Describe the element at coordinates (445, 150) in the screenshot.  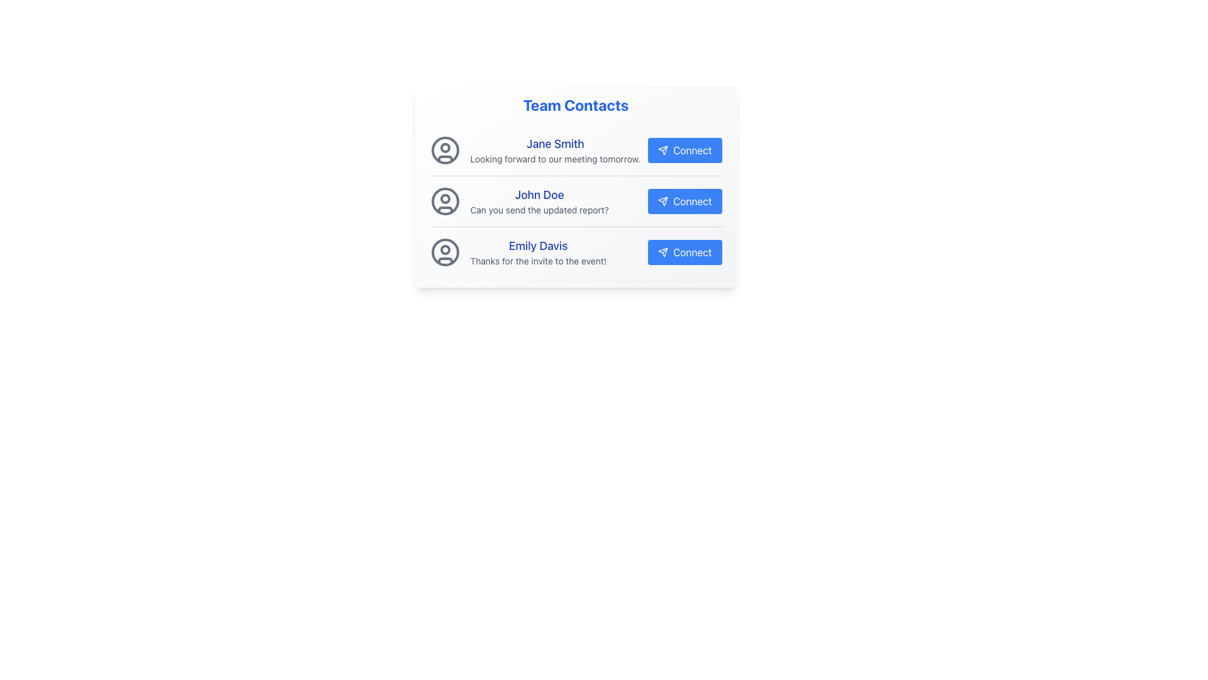
I see `the user icon for 'Jane Smith' in the 'Team Contacts' list, which is represented as a gray circular outline enclosing a simplified head and shoulders, located to the left of her name` at that location.